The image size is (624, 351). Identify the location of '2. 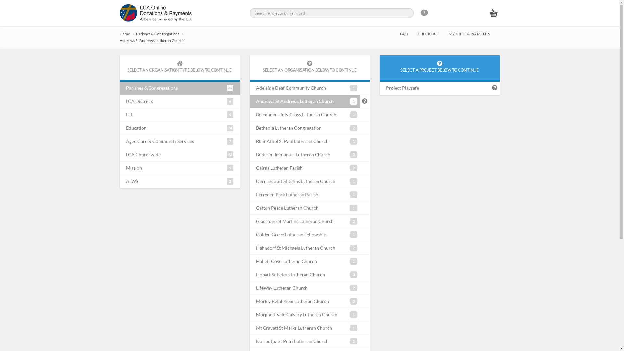
(304, 288).